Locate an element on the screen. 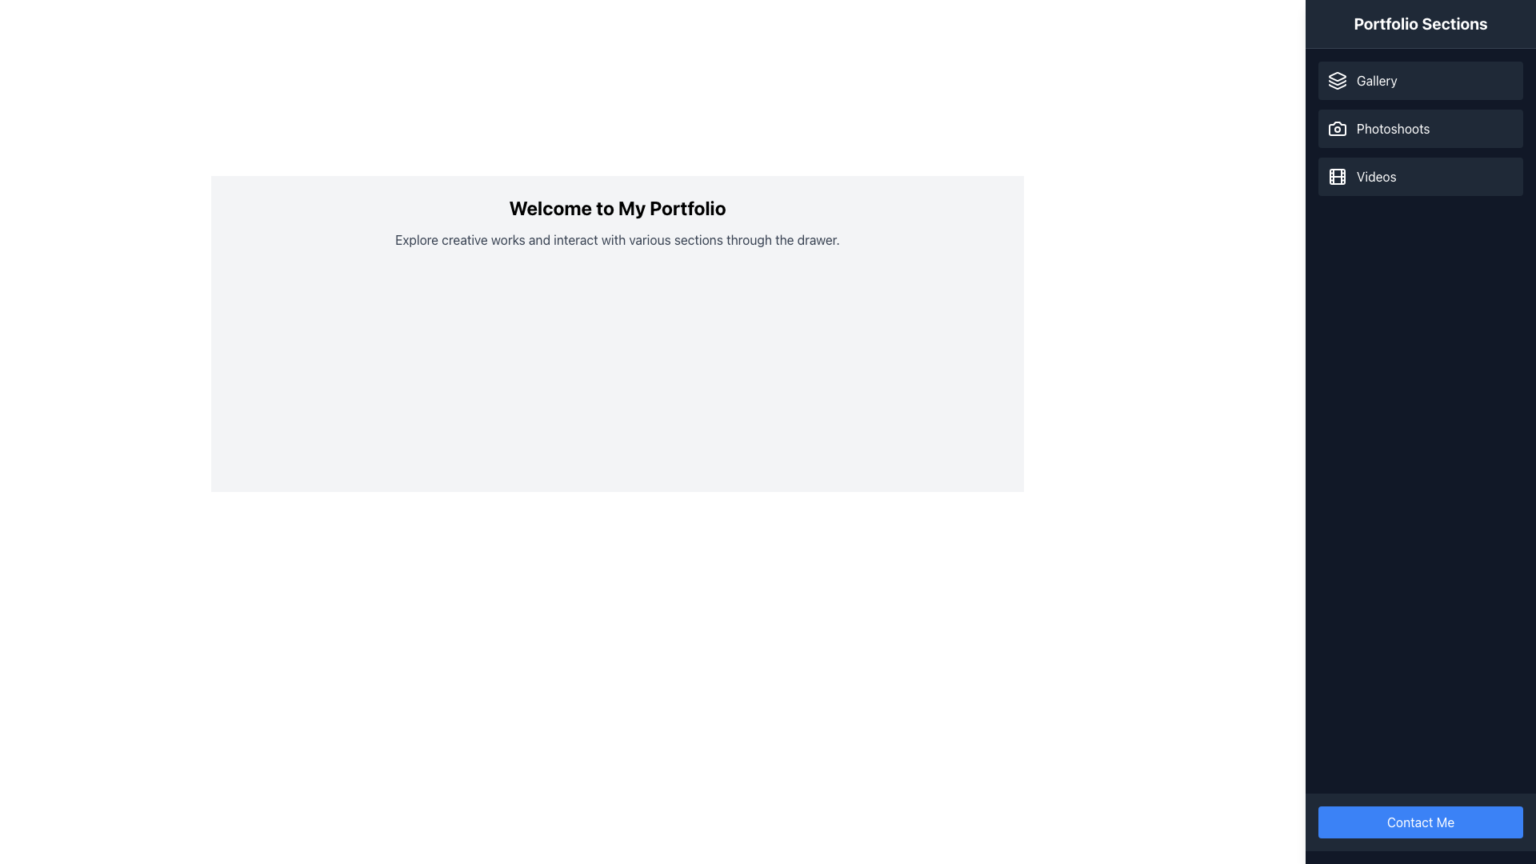 The width and height of the screenshot is (1536, 864). the blue button with white text reading 'Contact Me' to observe its hover effect is located at coordinates (1421, 822).